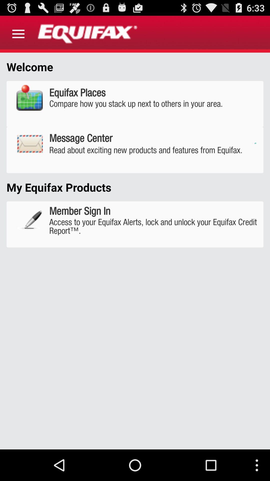  What do you see at coordinates (29, 220) in the screenshot?
I see `the pen icon near the member sign in field` at bounding box center [29, 220].